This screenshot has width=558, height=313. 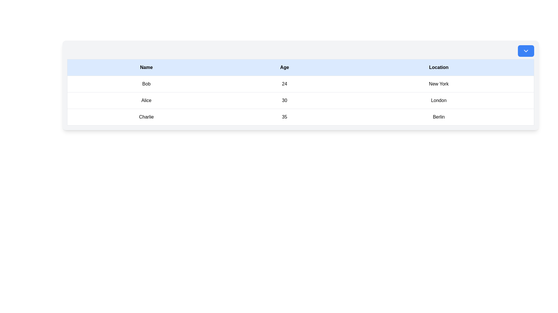 What do you see at coordinates (526, 51) in the screenshot?
I see `the downward-facing chevron icon located at the top right corner of the displayed table, which is part of a blue rounded rectangular button` at bounding box center [526, 51].